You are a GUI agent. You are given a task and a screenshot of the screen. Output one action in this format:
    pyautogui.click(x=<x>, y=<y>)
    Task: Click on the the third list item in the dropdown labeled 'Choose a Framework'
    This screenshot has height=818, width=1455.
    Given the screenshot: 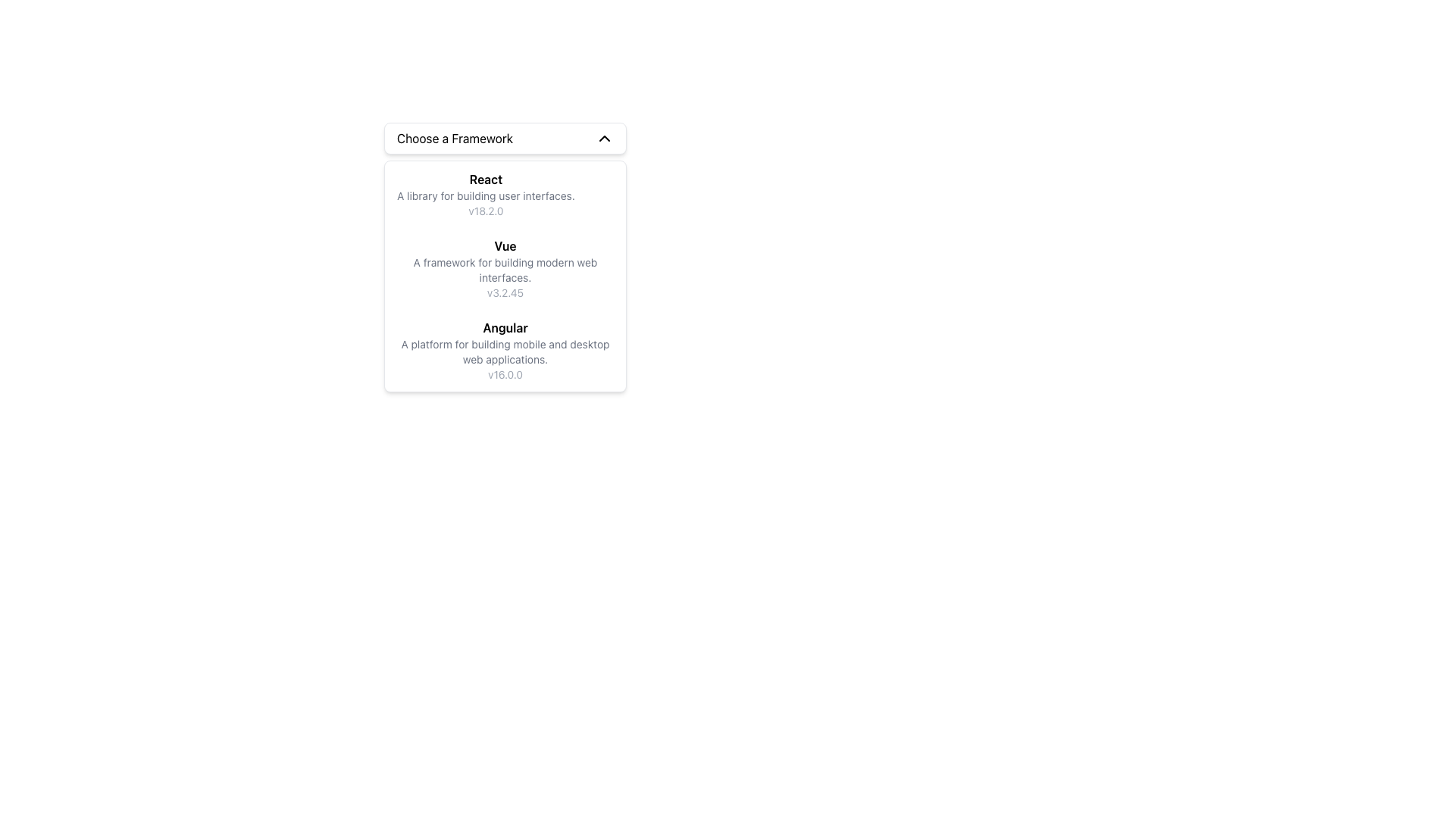 What is the action you would take?
    pyautogui.click(x=505, y=350)
    